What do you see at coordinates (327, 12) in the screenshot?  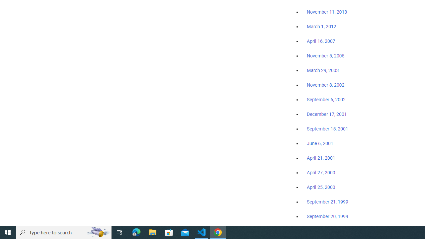 I see `'November 11, 2013'` at bounding box center [327, 12].